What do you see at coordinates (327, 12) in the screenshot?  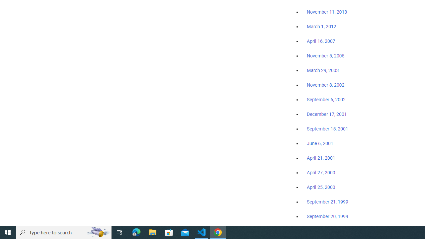 I see `'November 11, 2013'` at bounding box center [327, 12].